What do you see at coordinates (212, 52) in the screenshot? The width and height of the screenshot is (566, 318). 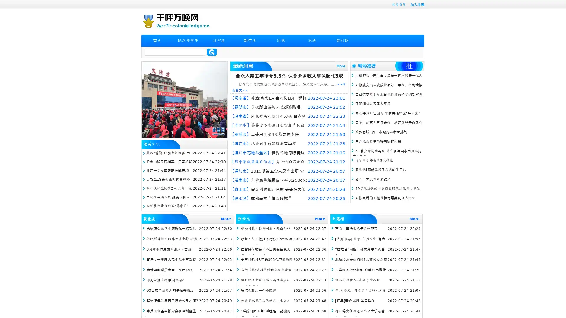 I see `Search` at bounding box center [212, 52].